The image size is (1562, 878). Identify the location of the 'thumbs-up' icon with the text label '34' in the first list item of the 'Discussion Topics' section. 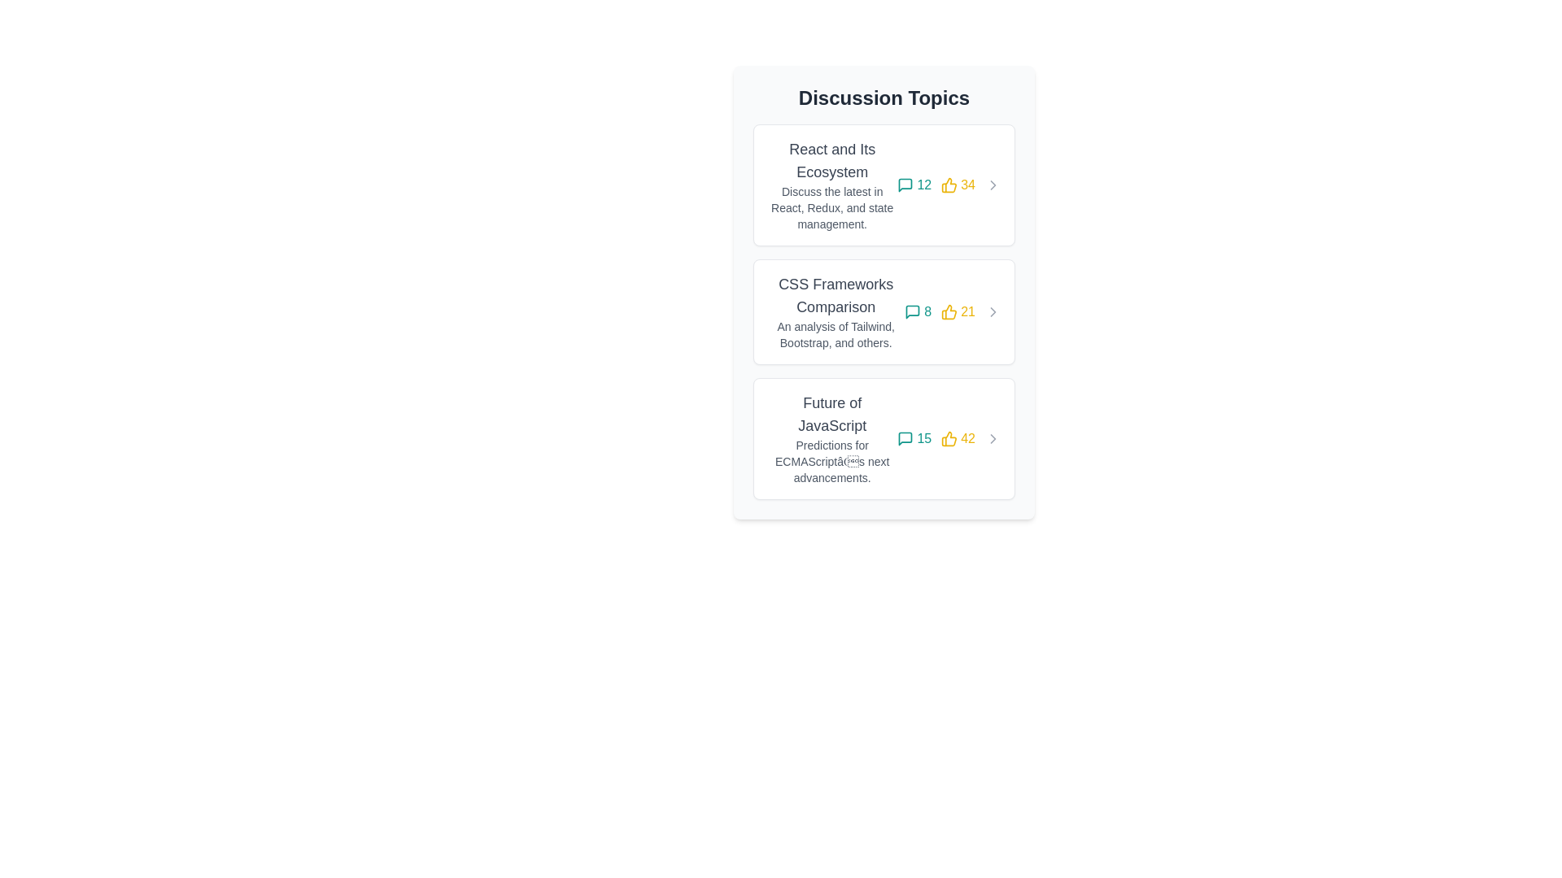
(958, 184).